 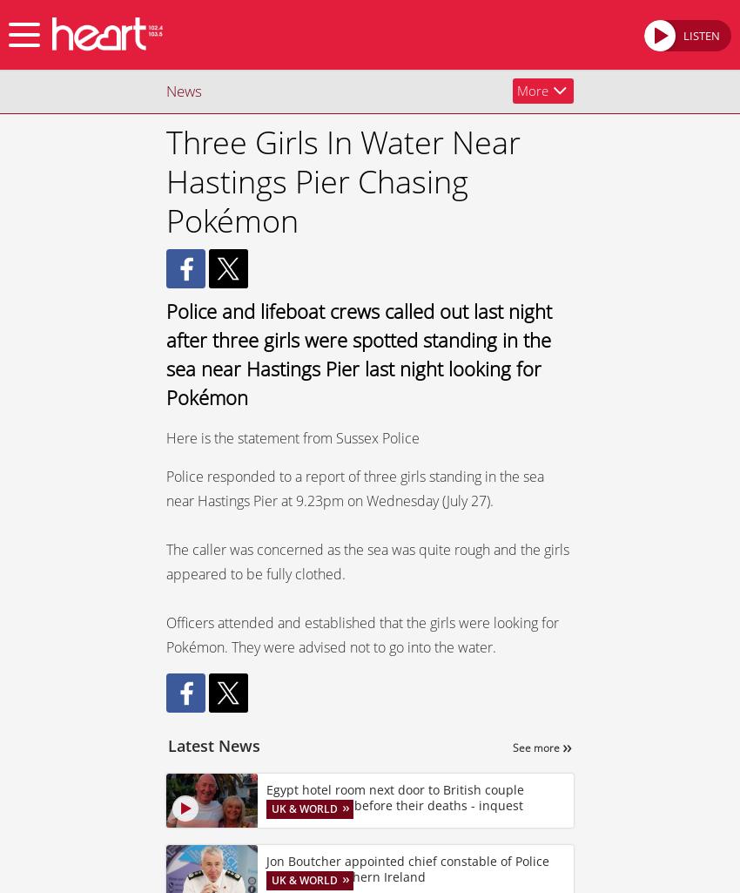 What do you see at coordinates (359, 354) in the screenshot?
I see `'Police and lifeboat crews called out last night after three girls were spotted standing in the sea near Hastings Pier last night looking for Pokémon'` at bounding box center [359, 354].